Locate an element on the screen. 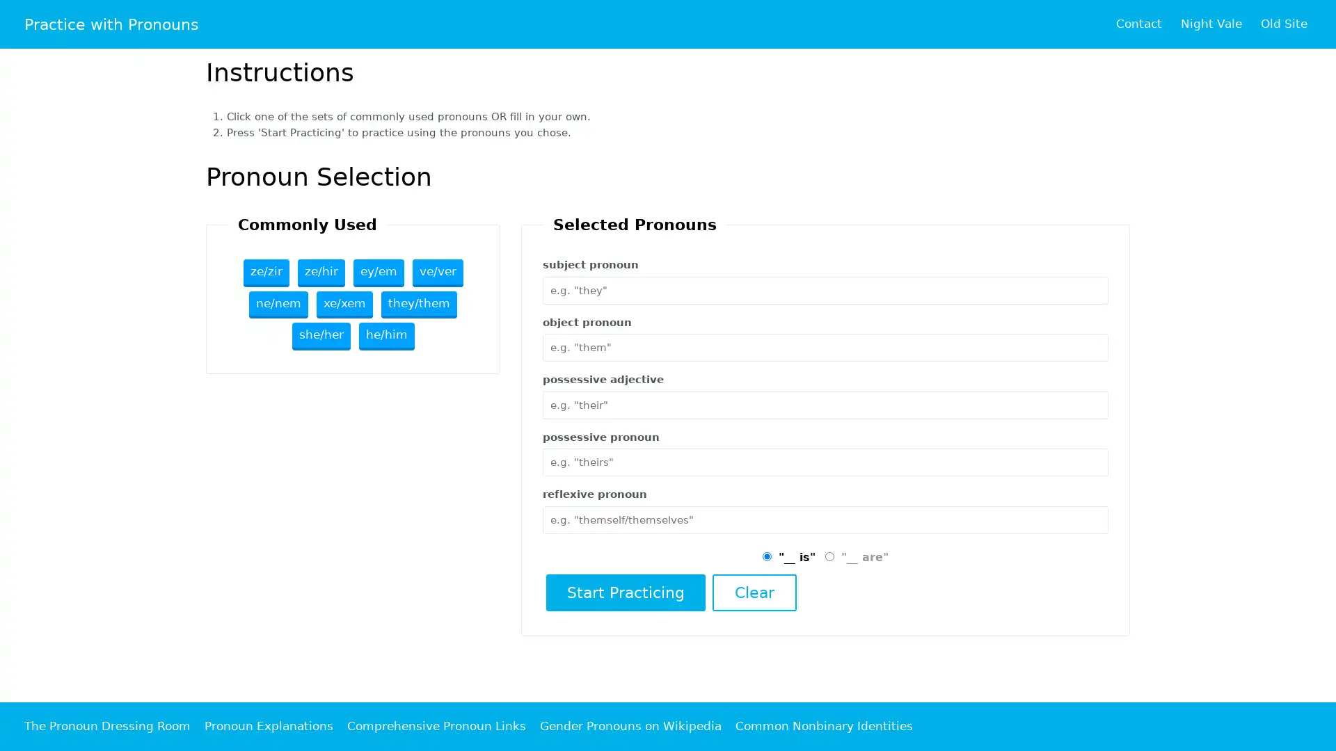 The width and height of the screenshot is (1336, 751). xe/xem is located at coordinates (344, 304).